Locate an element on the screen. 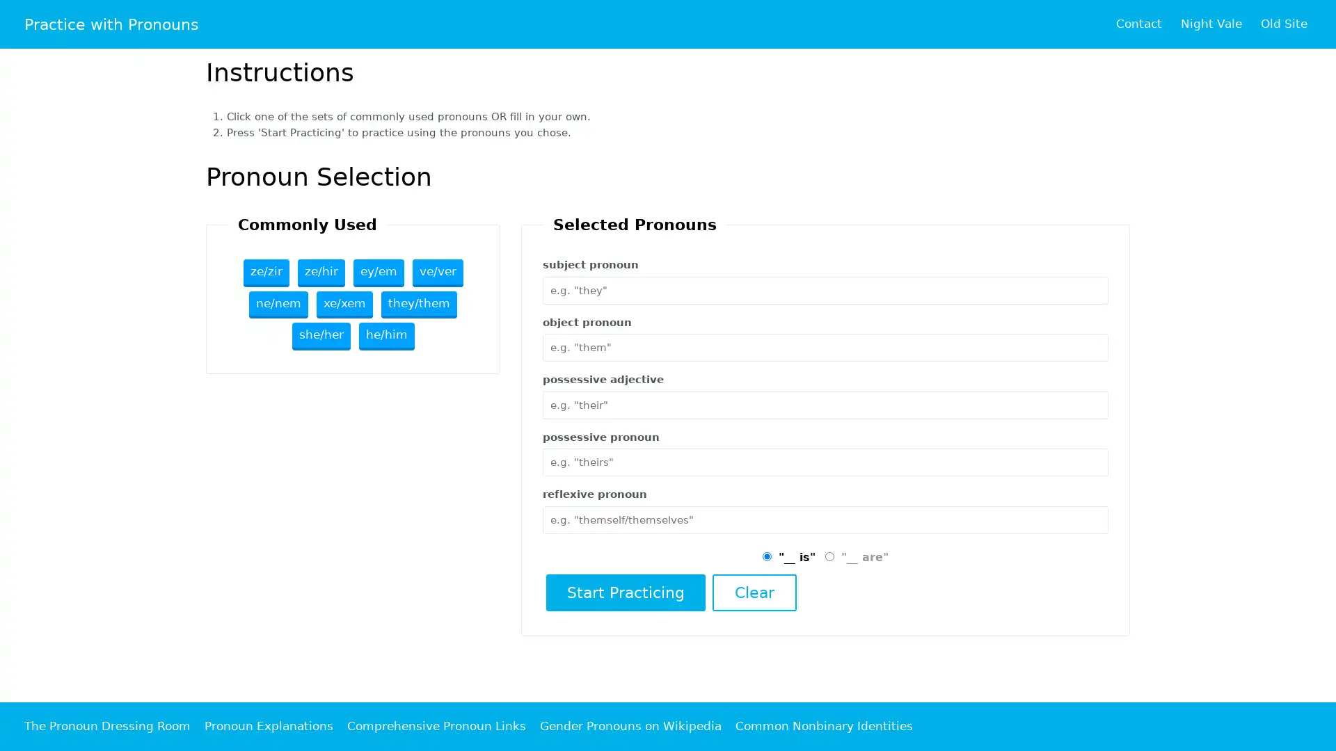 The width and height of the screenshot is (1336, 751). xe/xem is located at coordinates (344, 304).